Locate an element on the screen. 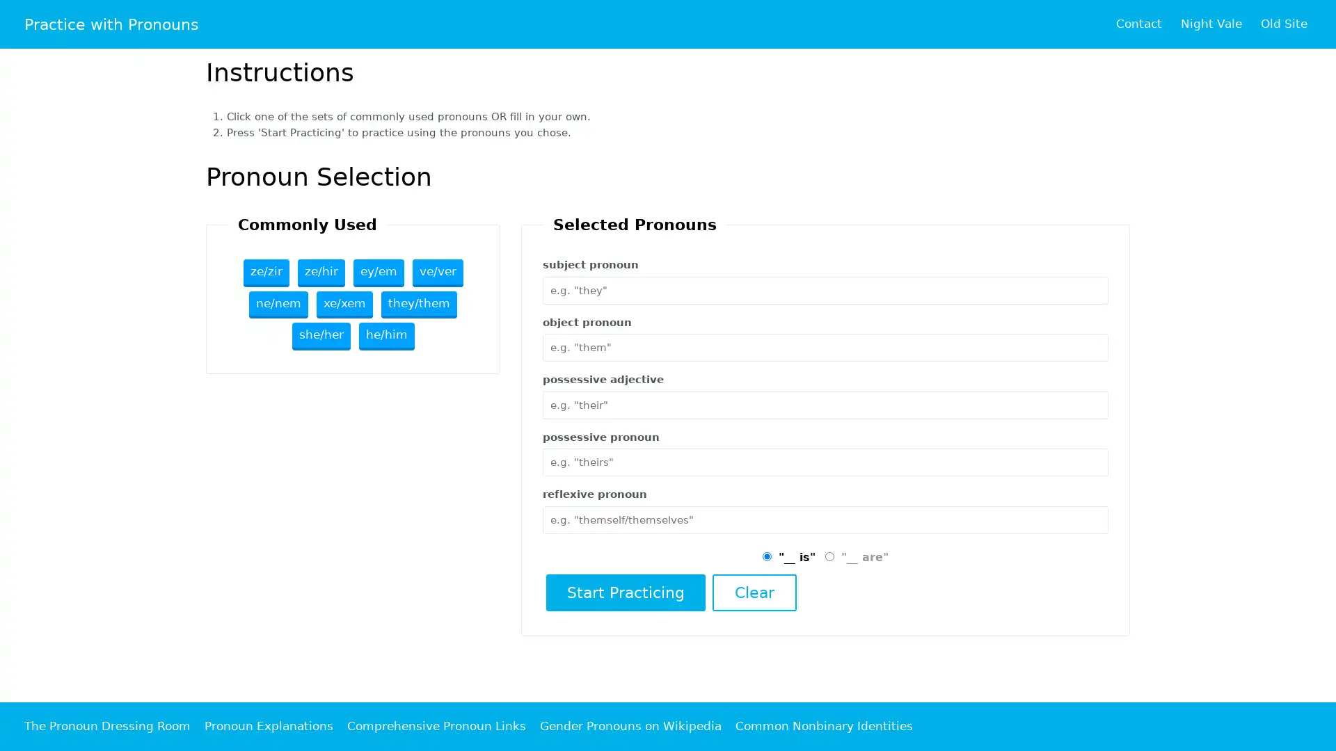 The width and height of the screenshot is (1336, 751). xe/xem is located at coordinates (344, 304).